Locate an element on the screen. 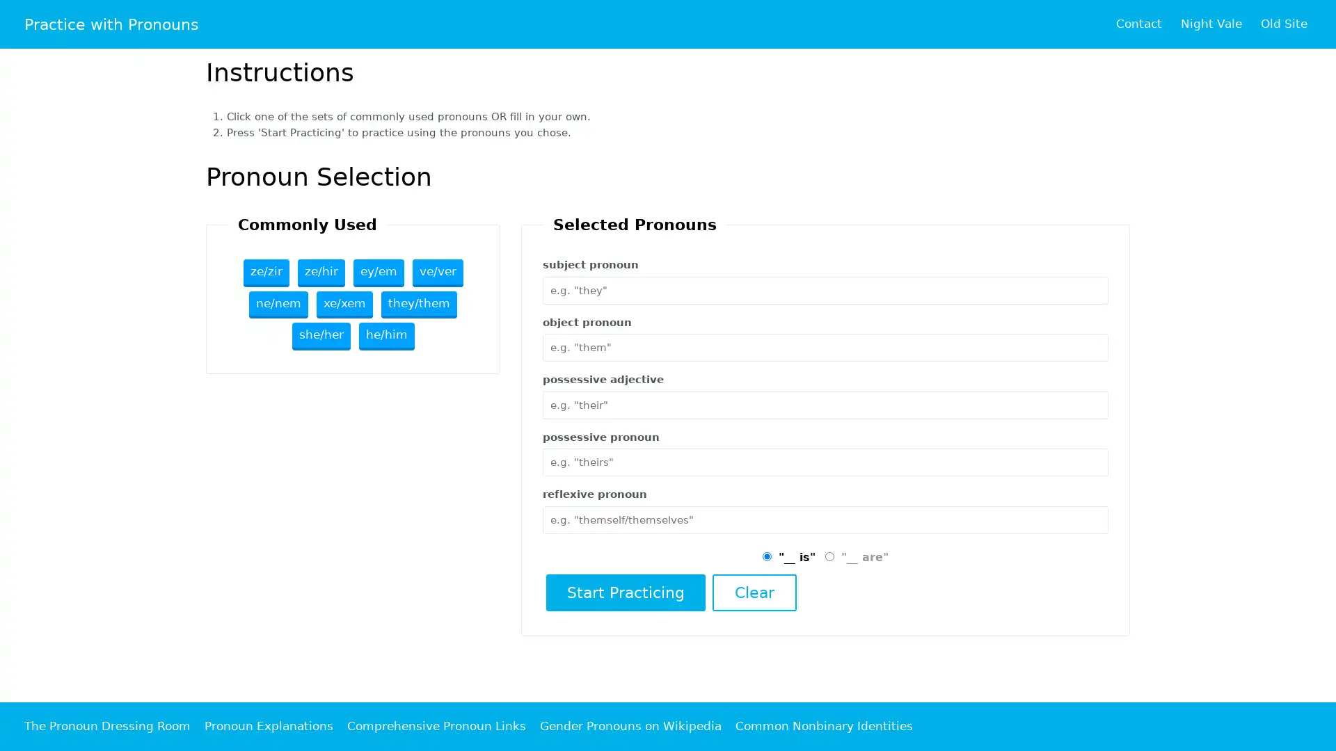 The width and height of the screenshot is (1336, 751). xe/xem is located at coordinates (344, 304).